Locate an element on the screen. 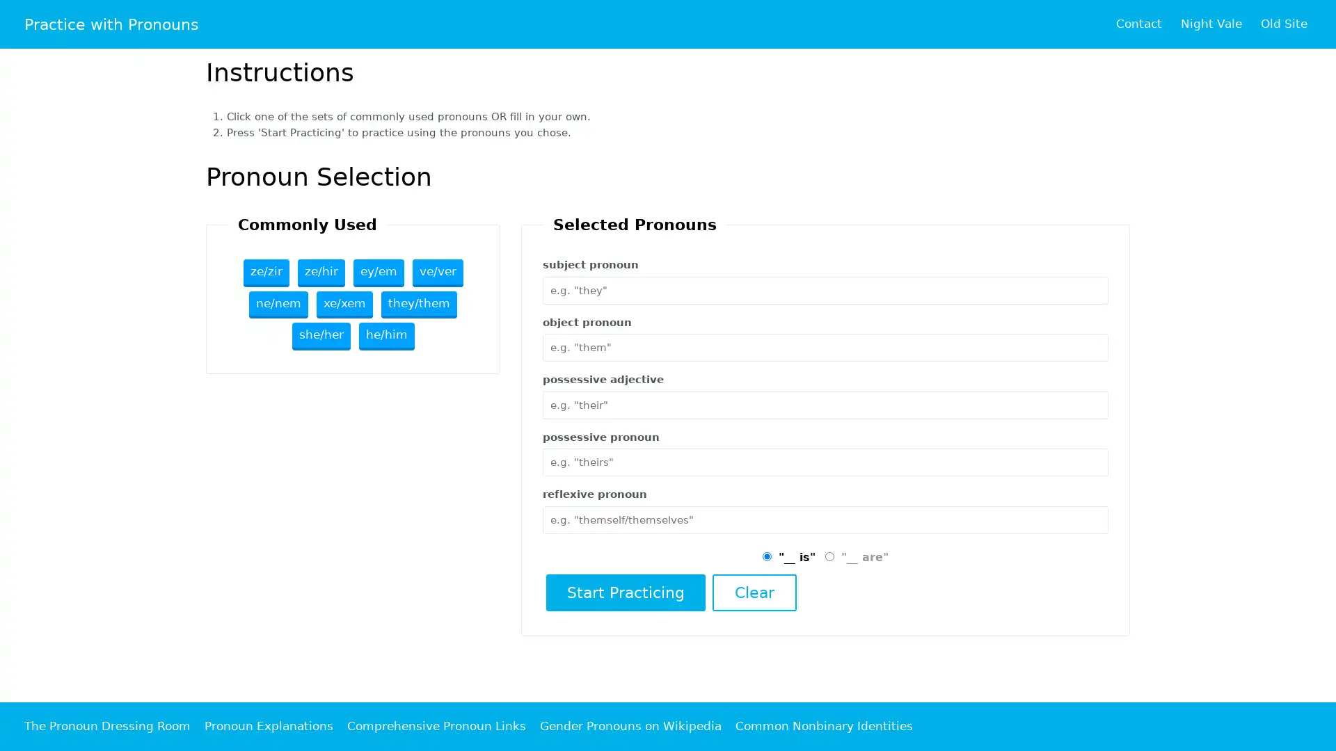 The width and height of the screenshot is (1336, 751). xe/xem is located at coordinates (344, 304).